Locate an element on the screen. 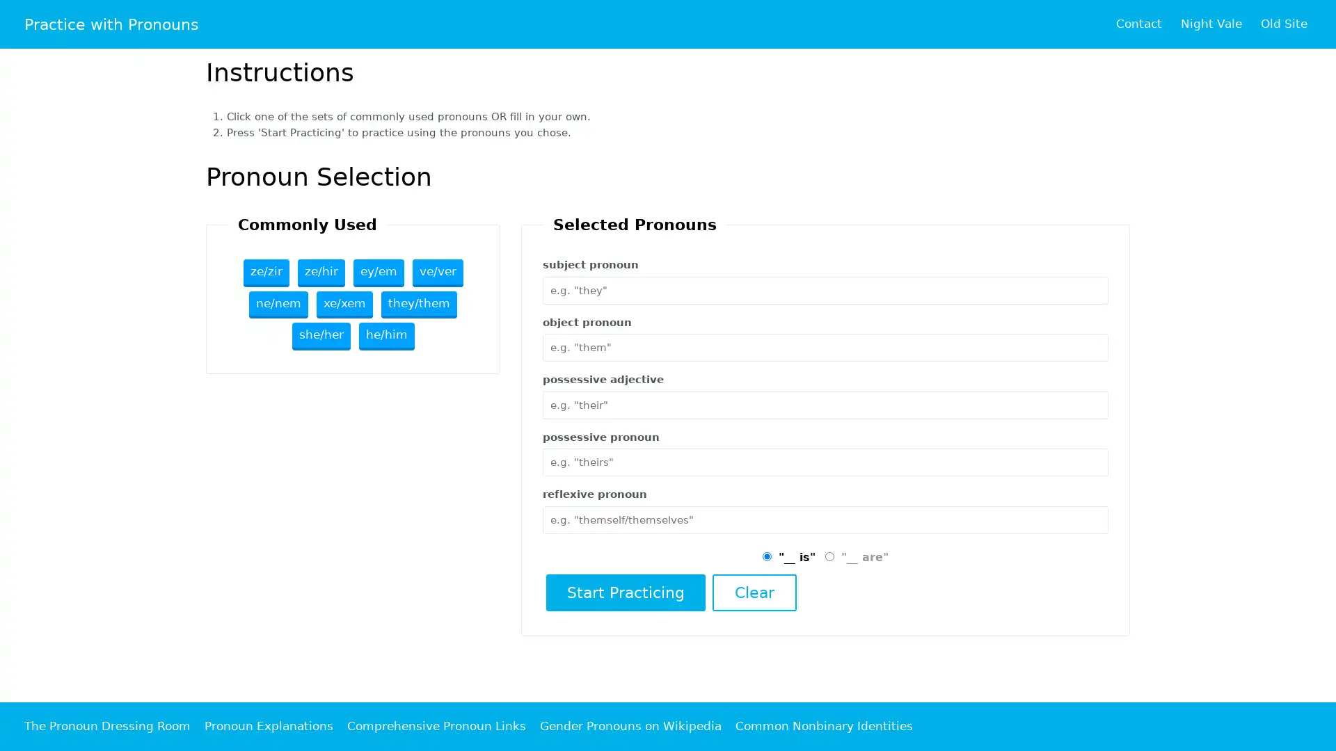 The width and height of the screenshot is (1336, 751). xe/xem is located at coordinates (344, 304).